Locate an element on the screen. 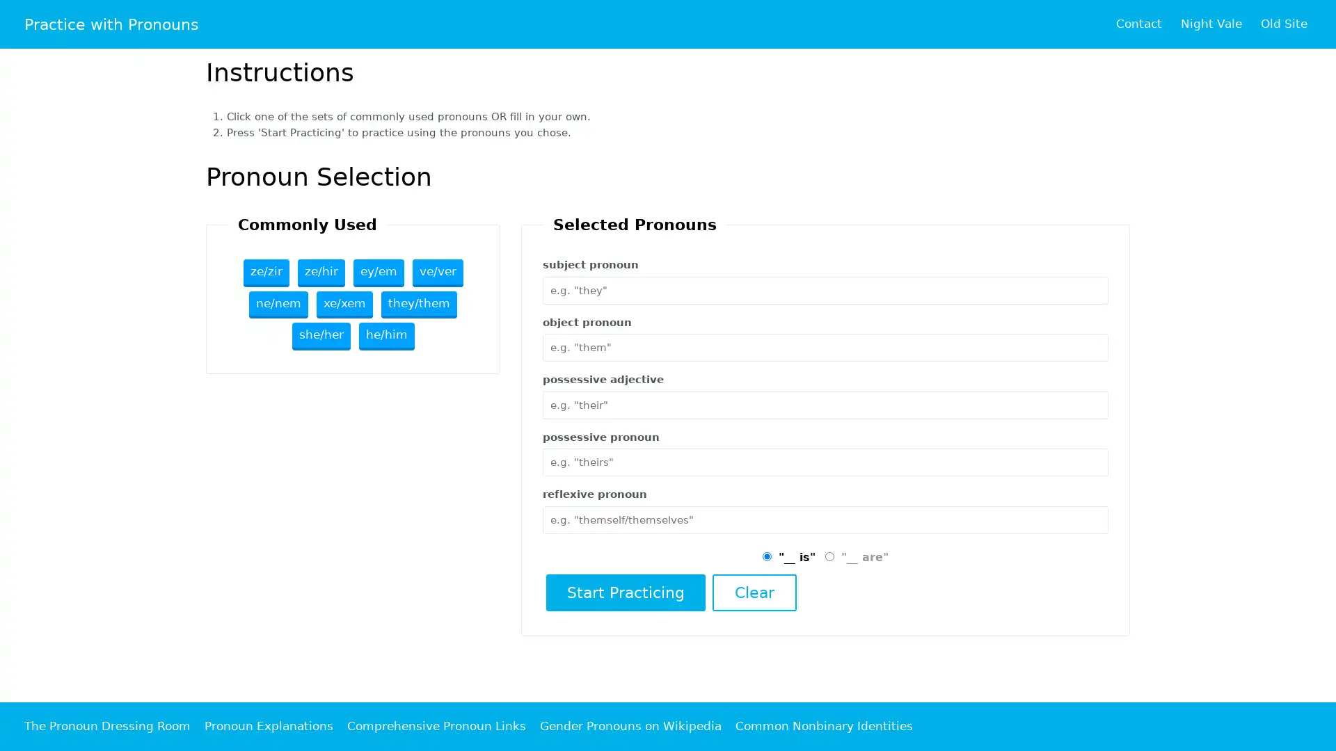 The width and height of the screenshot is (1336, 751). xe/xem is located at coordinates (344, 304).